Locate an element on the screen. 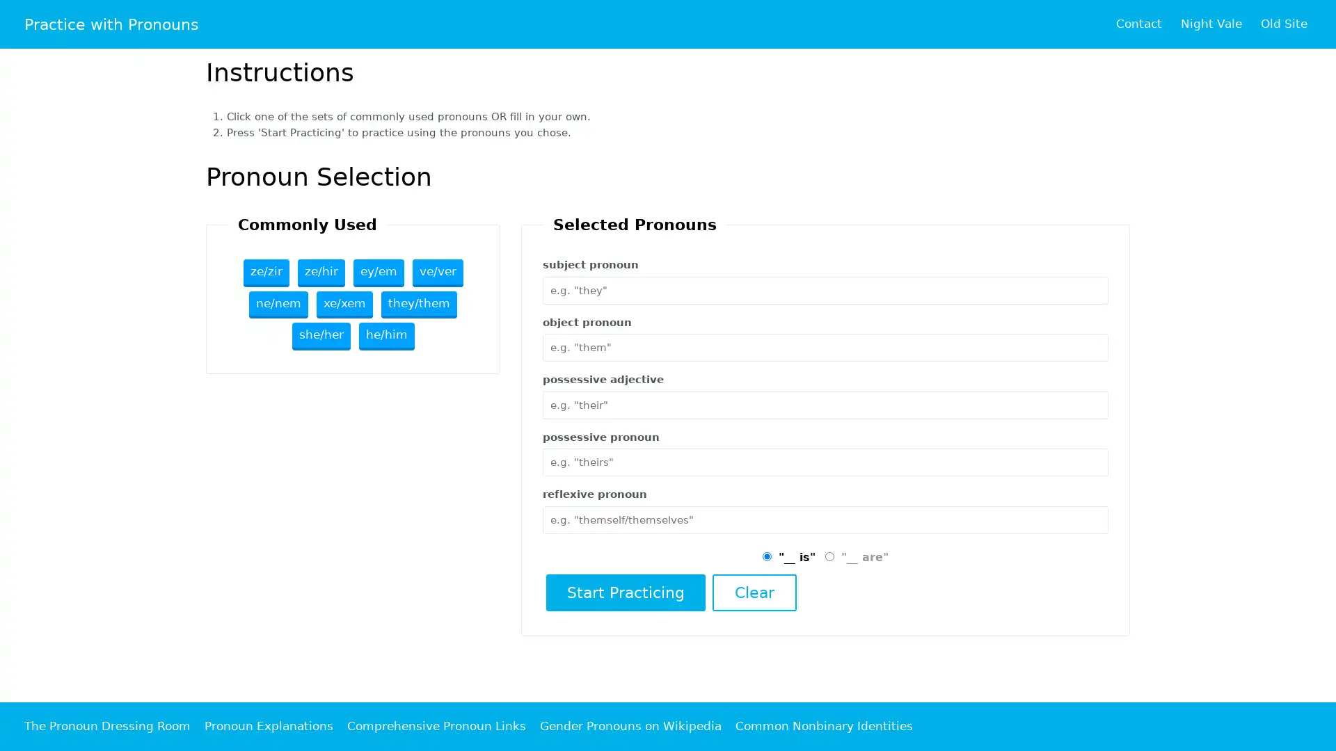 The width and height of the screenshot is (1336, 751). xe/xem is located at coordinates (344, 304).